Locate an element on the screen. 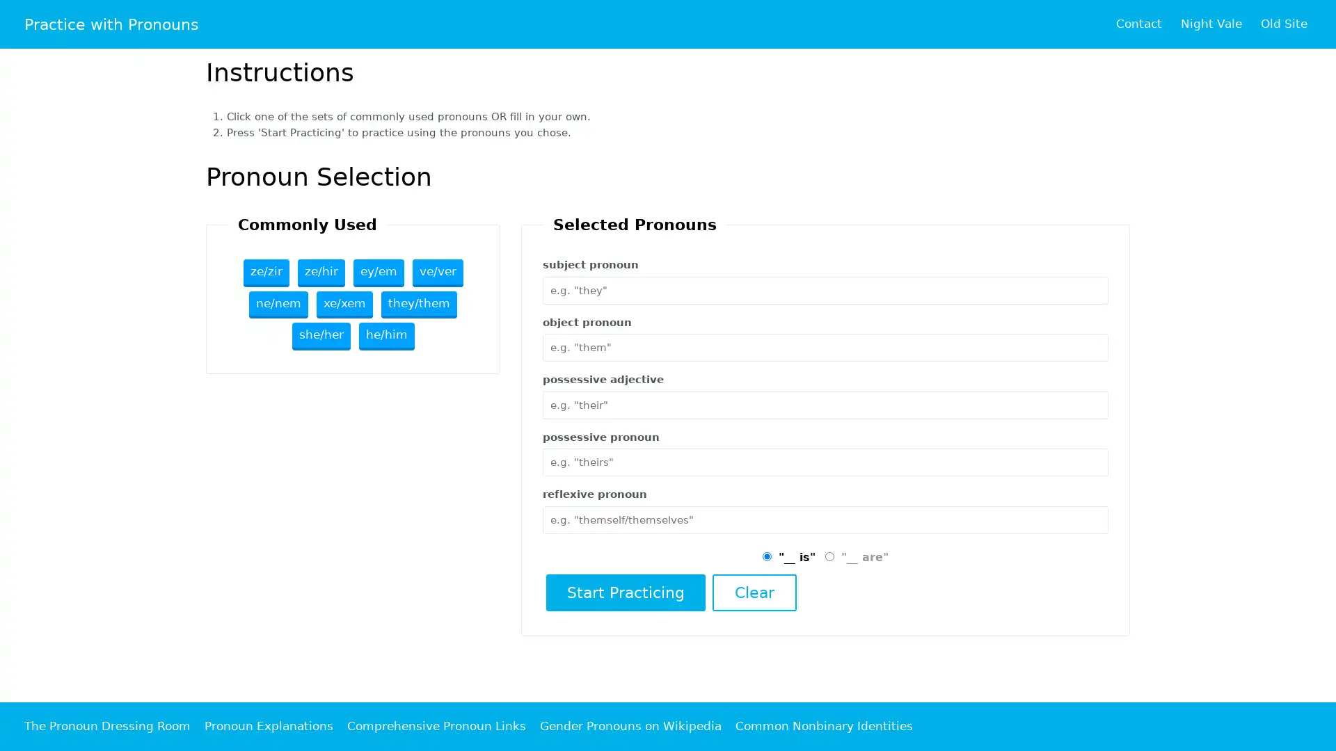 The width and height of the screenshot is (1336, 751). xe/xem is located at coordinates (344, 304).